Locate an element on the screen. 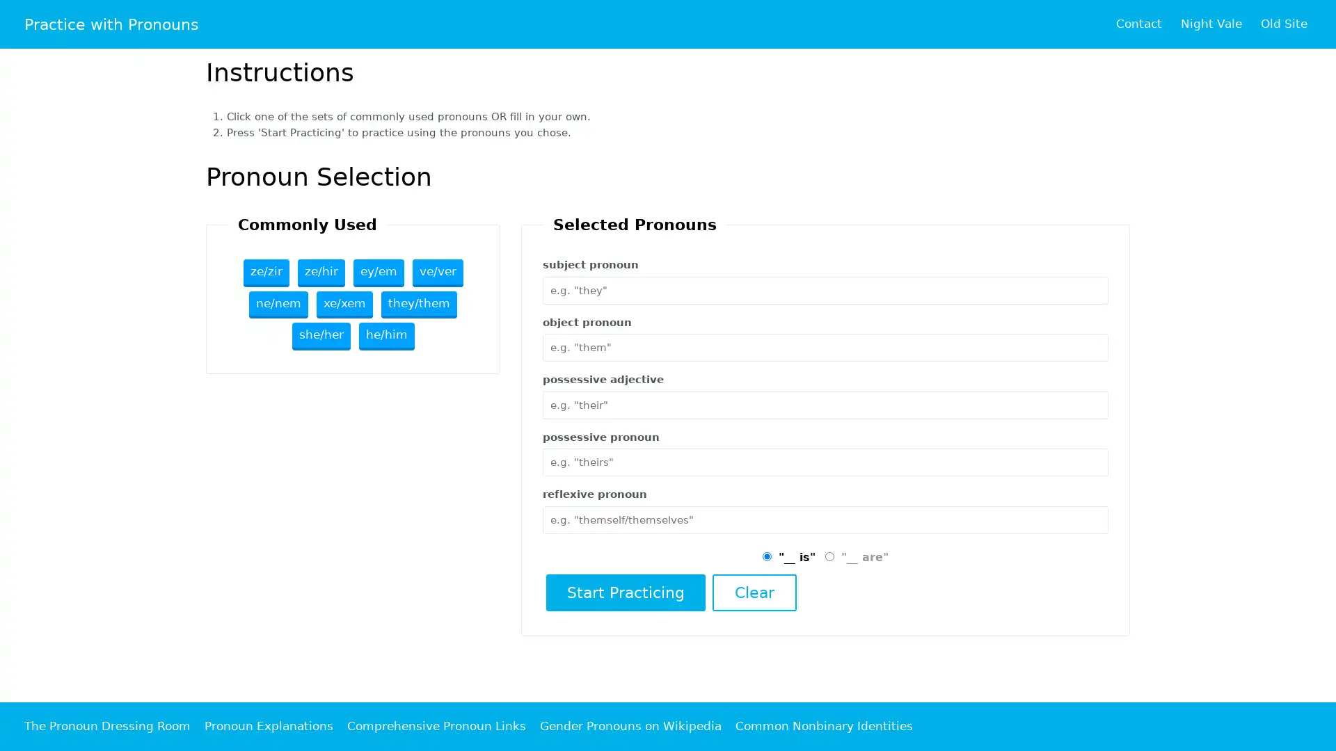 The width and height of the screenshot is (1336, 751). xe/xem is located at coordinates (344, 304).